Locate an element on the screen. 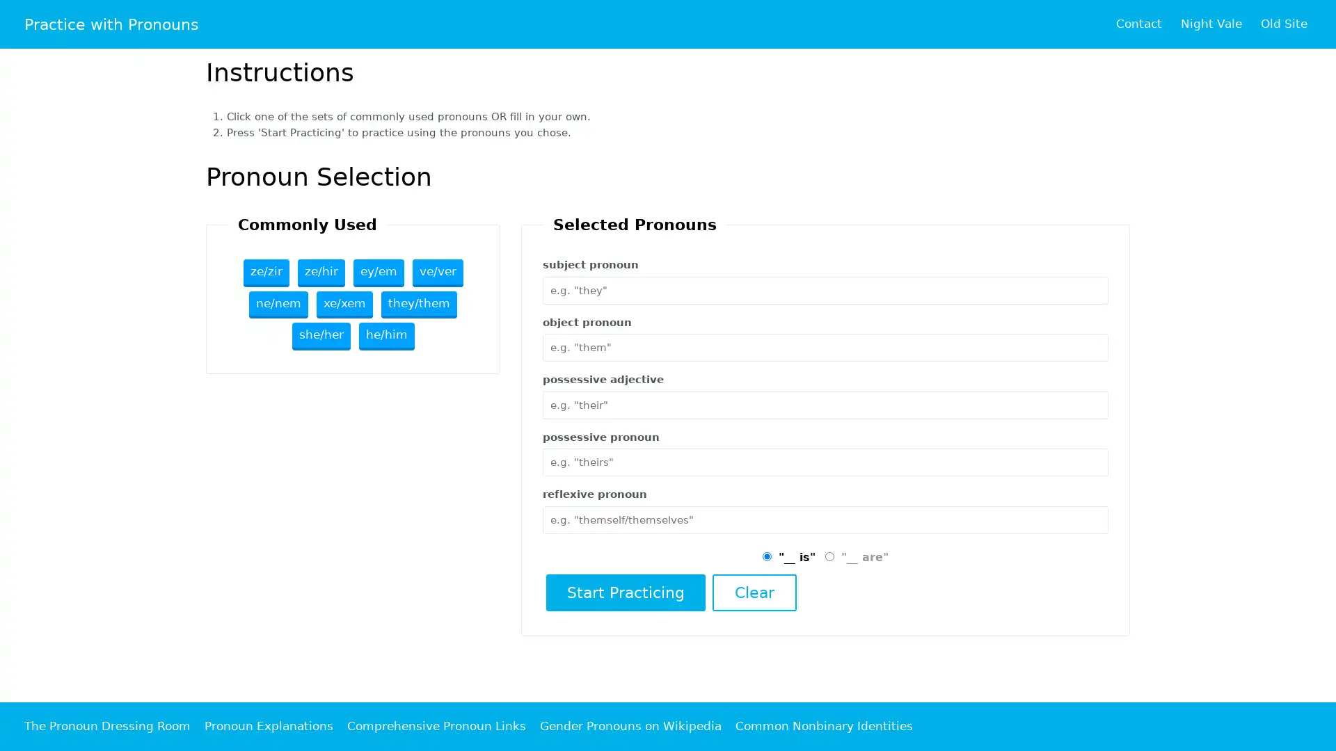 The width and height of the screenshot is (1336, 751). xe/xem is located at coordinates (344, 304).